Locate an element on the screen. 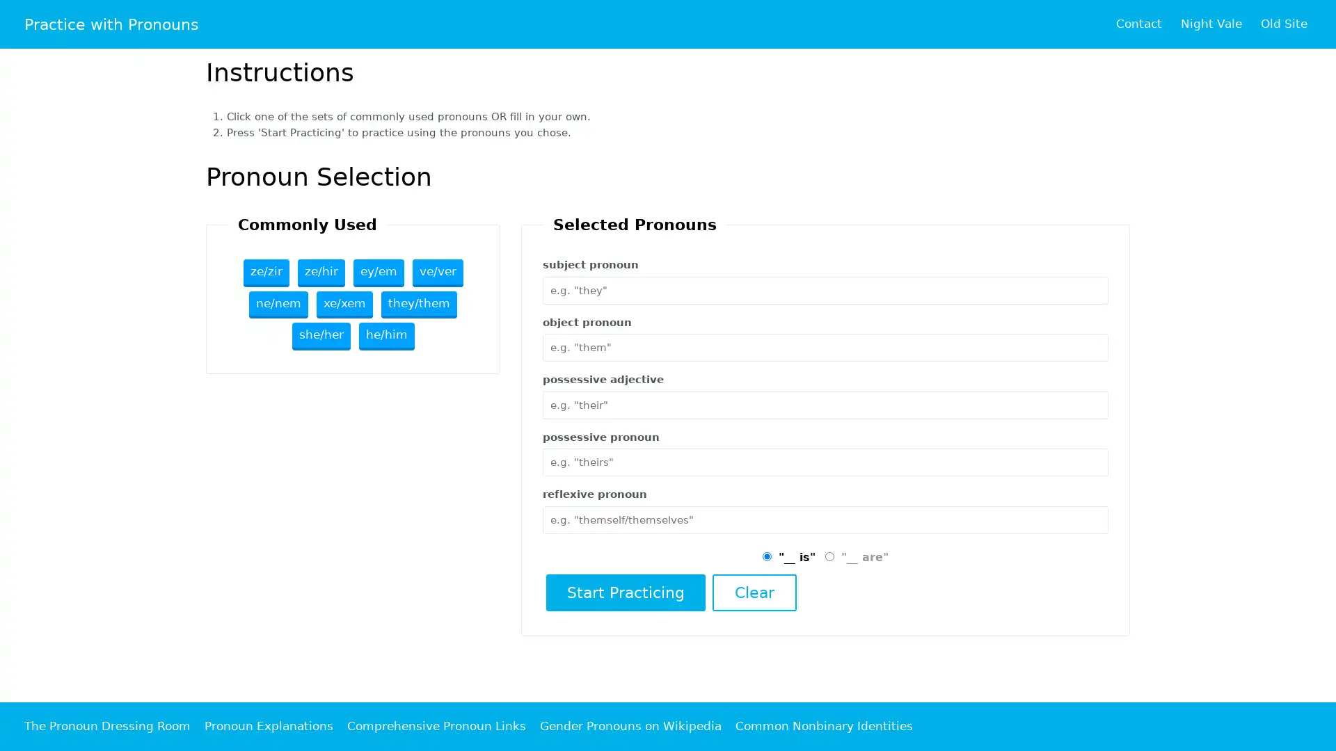 The width and height of the screenshot is (1336, 751). xe/xem is located at coordinates (344, 304).